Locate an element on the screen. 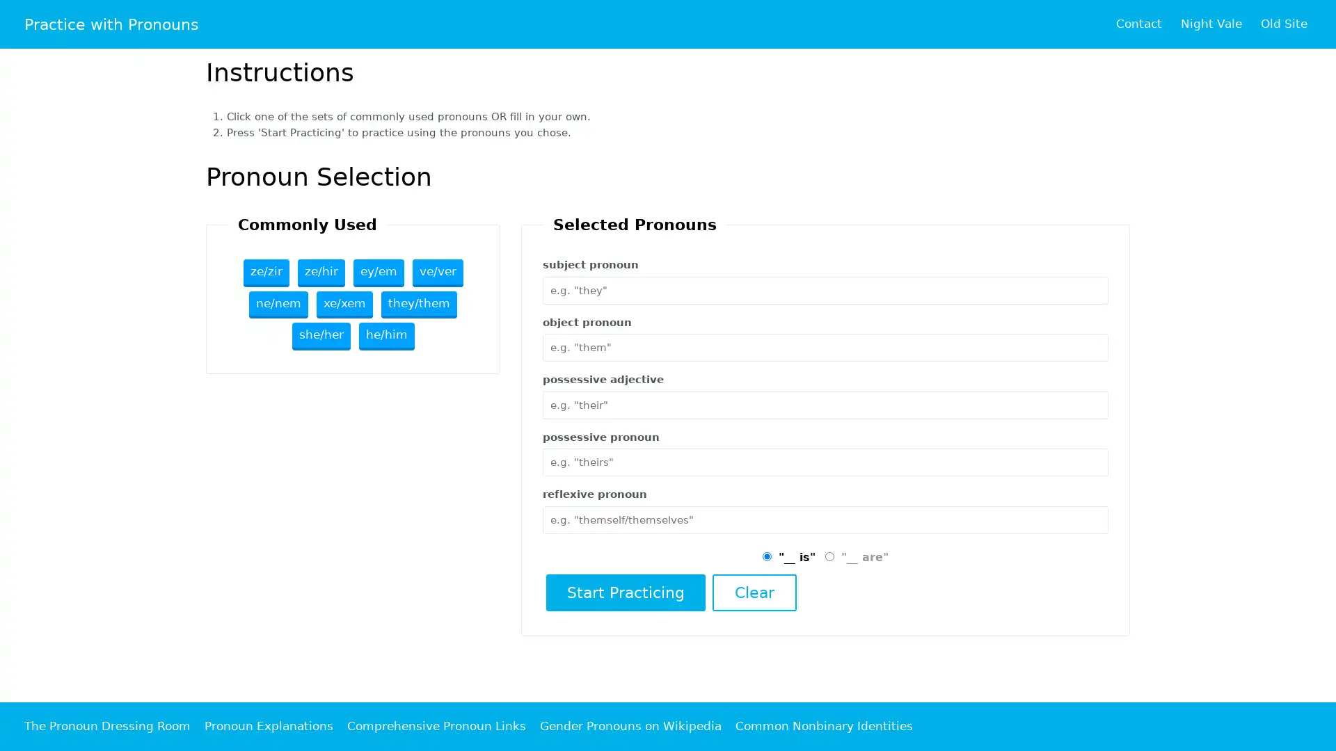 The width and height of the screenshot is (1336, 751). xe/xem is located at coordinates (344, 304).